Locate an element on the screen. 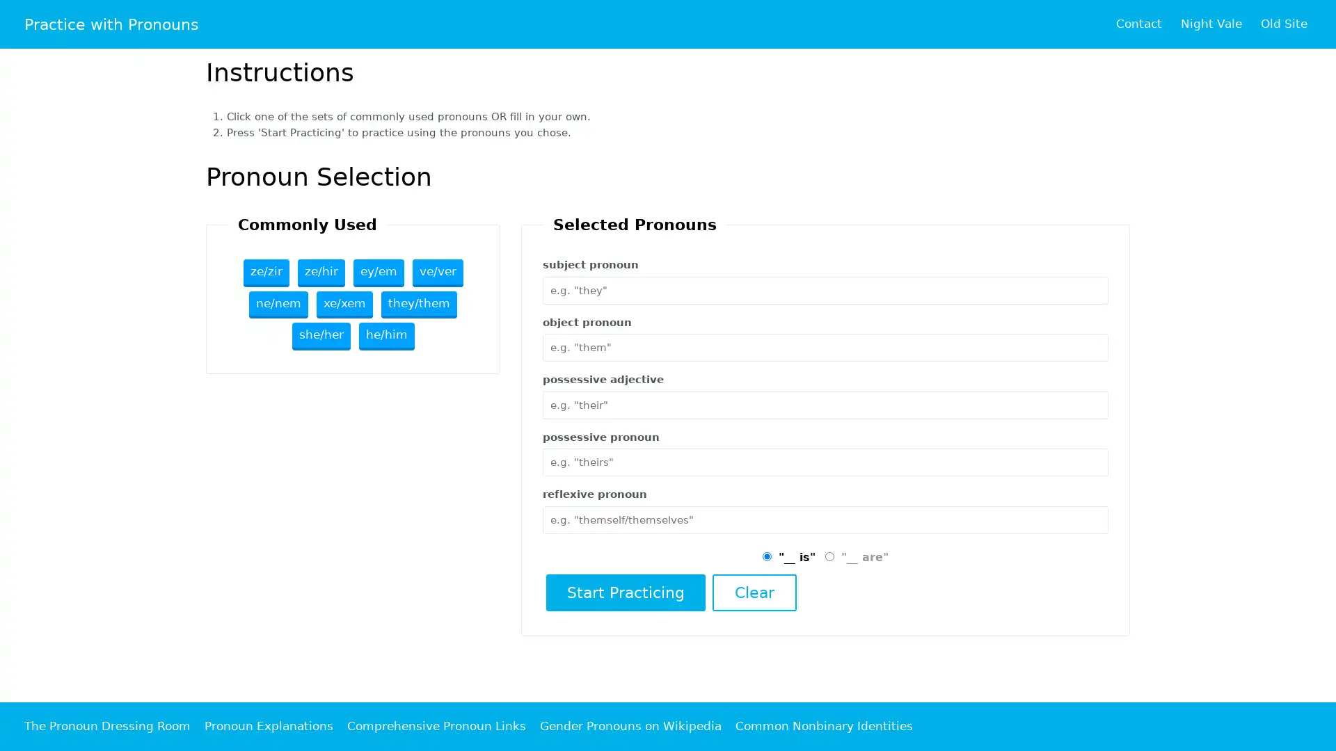 The width and height of the screenshot is (1336, 751). xe/xem is located at coordinates (344, 304).